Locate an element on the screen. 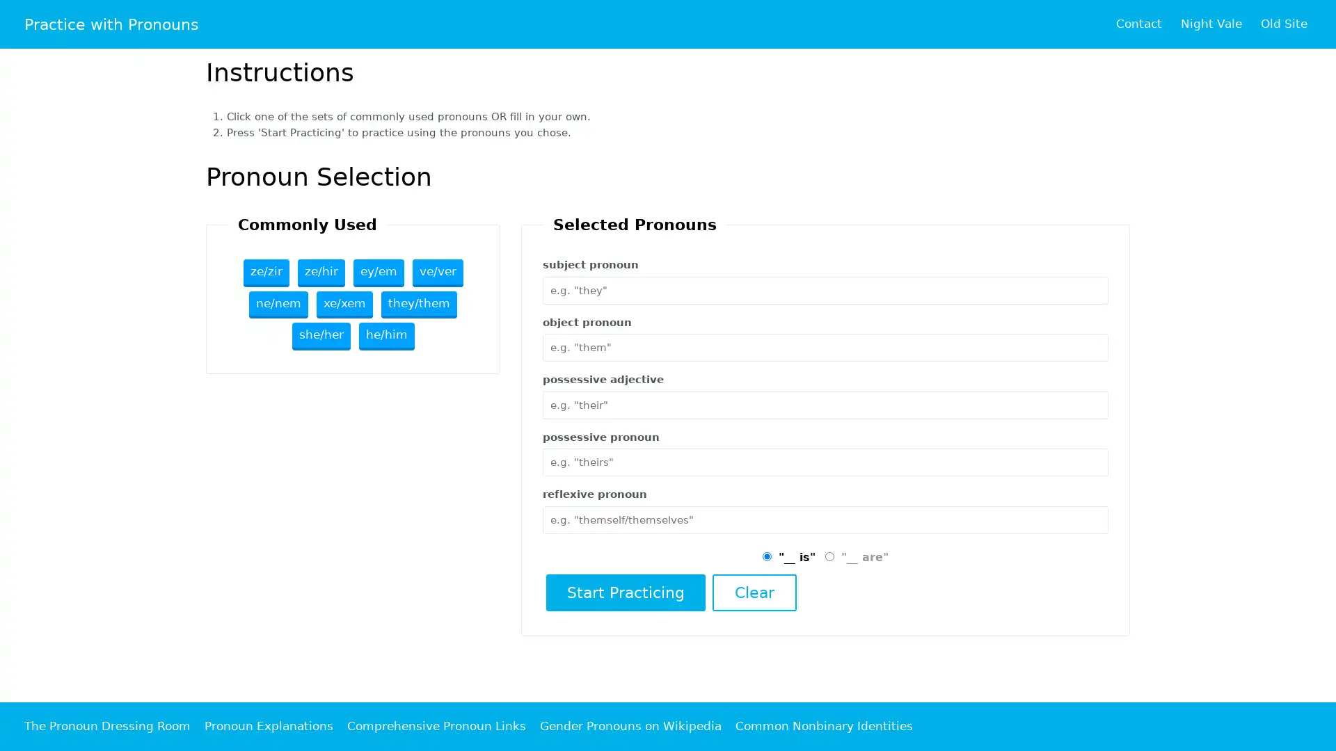 The width and height of the screenshot is (1336, 751). xe/xem is located at coordinates (344, 304).